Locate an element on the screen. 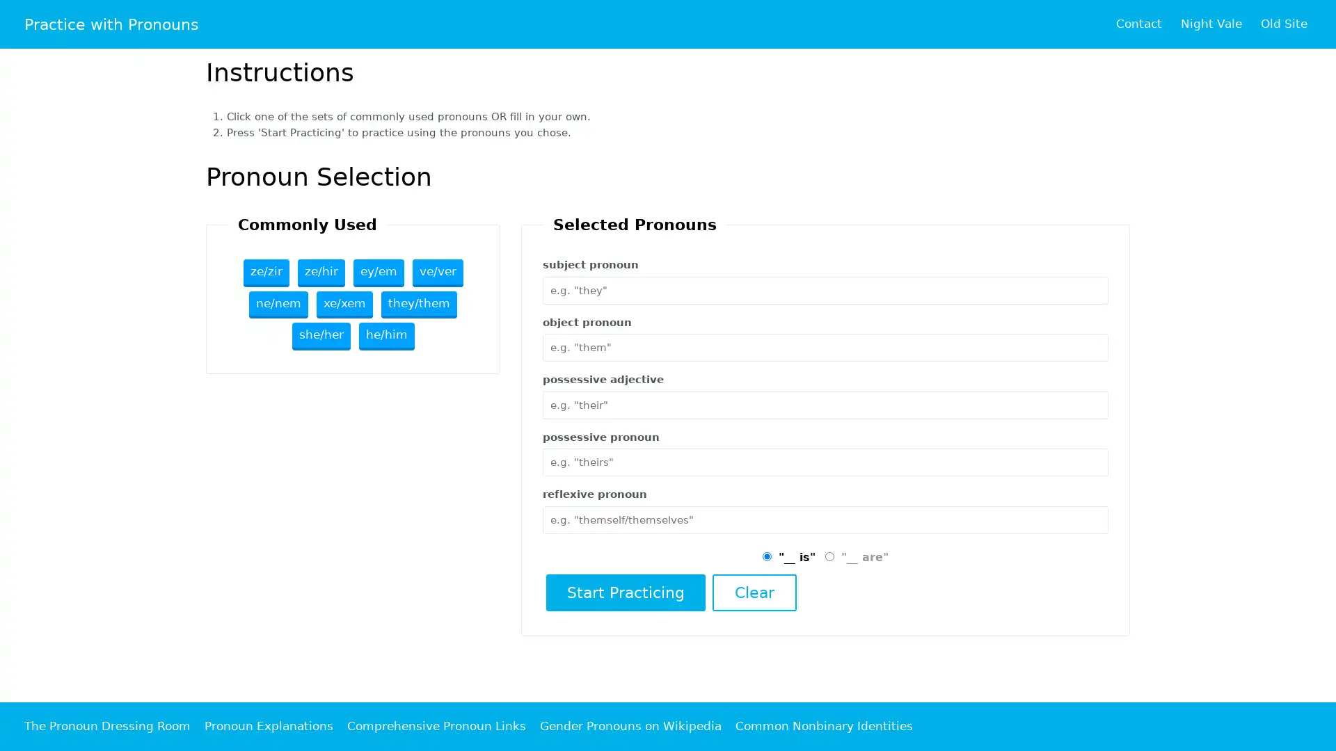 The width and height of the screenshot is (1336, 751). xe/xem is located at coordinates (344, 304).